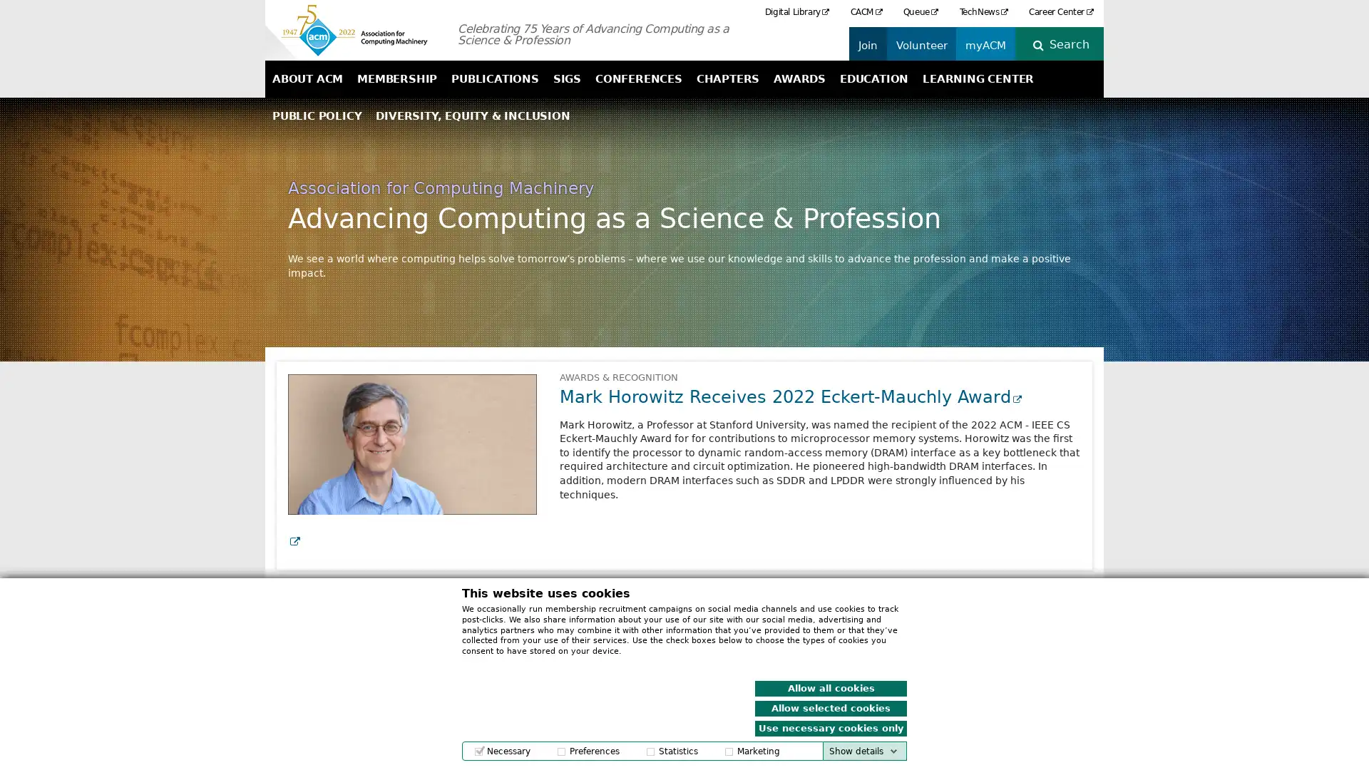  What do you see at coordinates (1074, 43) in the screenshot?
I see `Search Submit` at bounding box center [1074, 43].